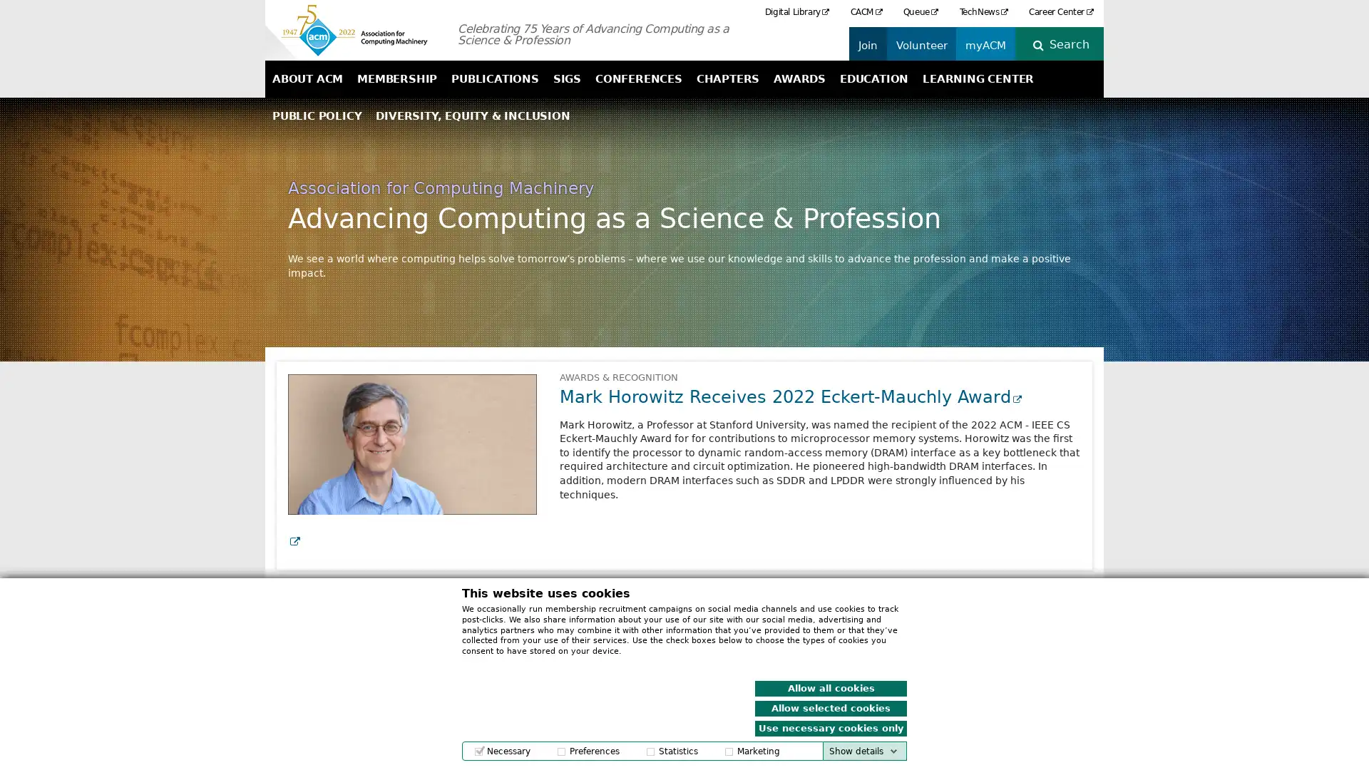  What do you see at coordinates (1074, 43) in the screenshot?
I see `Search Submit` at bounding box center [1074, 43].